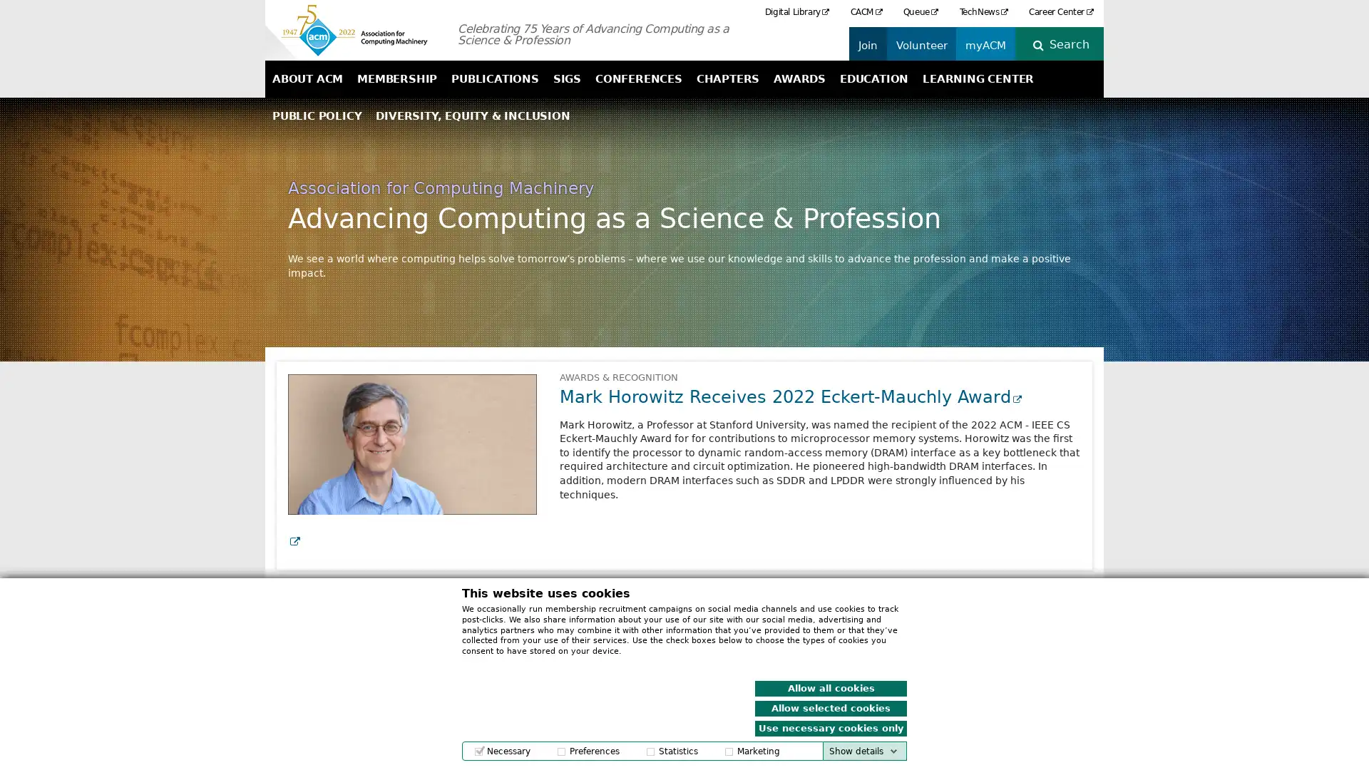  What do you see at coordinates (1074, 43) in the screenshot?
I see `Search Submit` at bounding box center [1074, 43].